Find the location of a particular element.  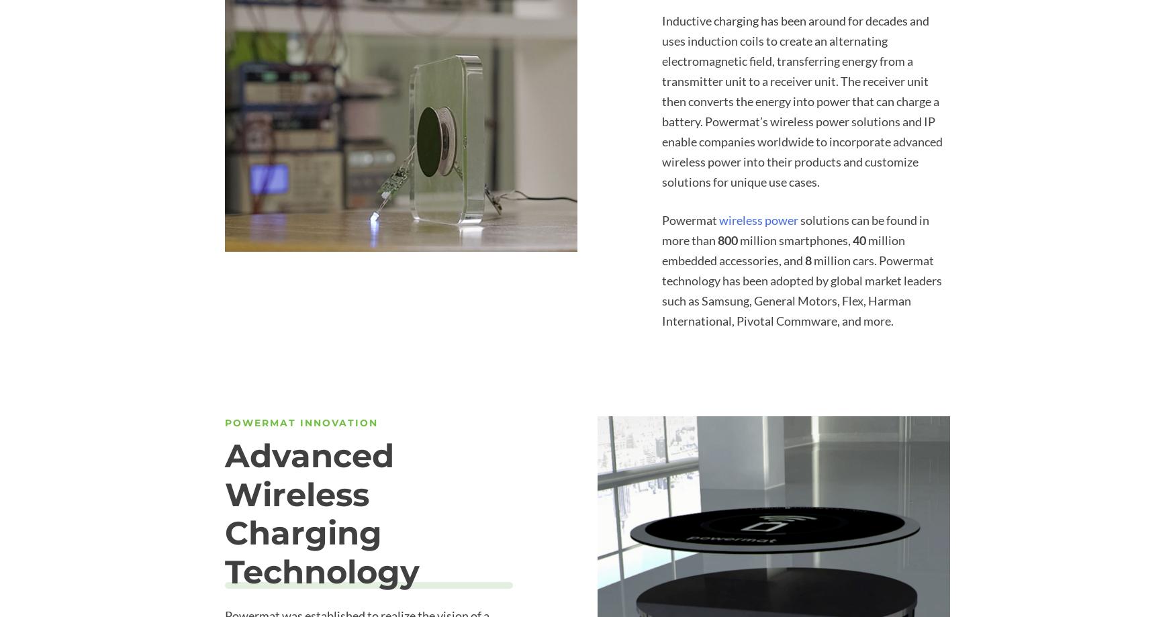

'million embedded accessories, and' is located at coordinates (783, 250).